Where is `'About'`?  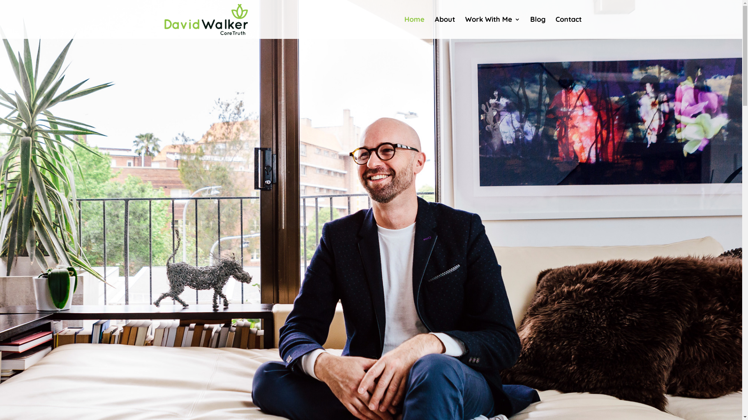
'About' is located at coordinates (434, 27).